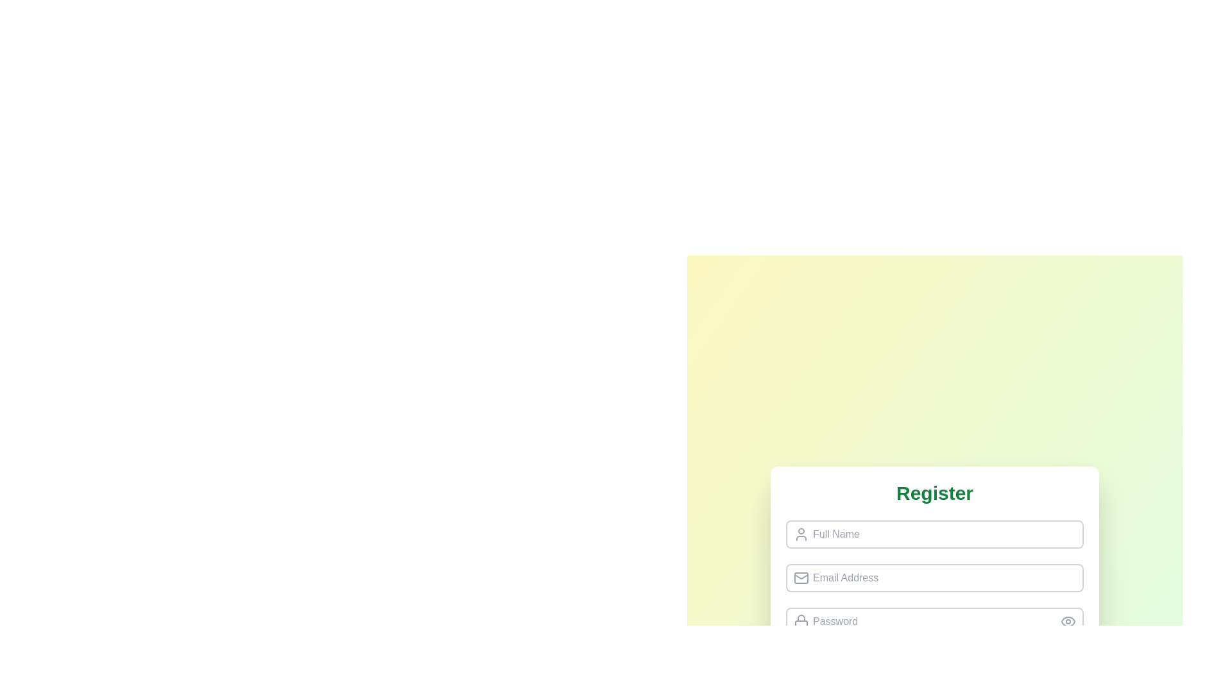 This screenshot has width=1232, height=693. I want to click on the password input field with rounded corners and a placeholder labeled 'Password', so click(935, 620).